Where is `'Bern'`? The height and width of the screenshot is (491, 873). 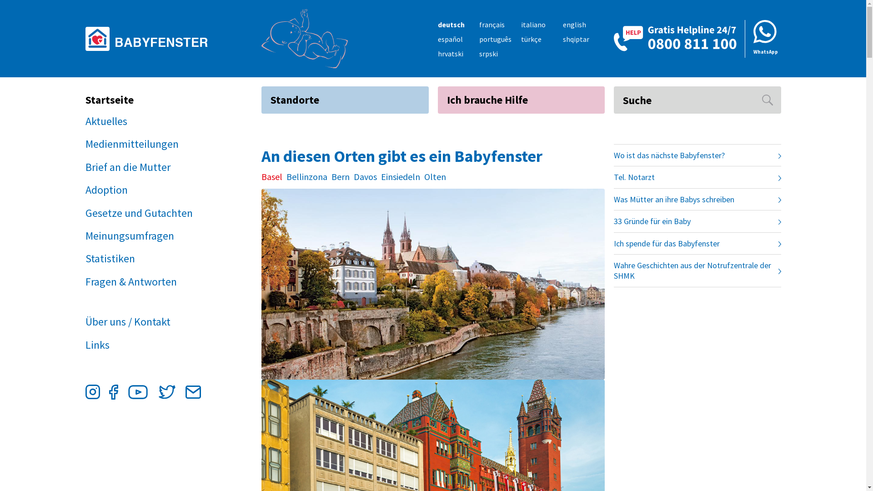
'Bern' is located at coordinates (331, 177).